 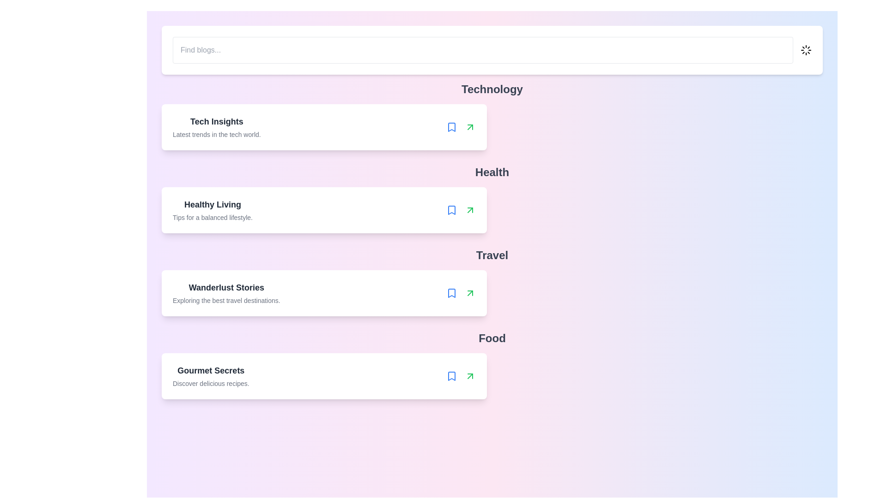 What do you see at coordinates (216, 127) in the screenshot?
I see `the header and description Text block of the 'Tech Insights' section` at bounding box center [216, 127].